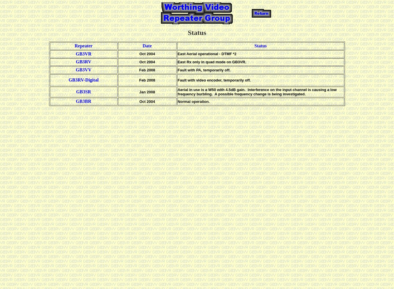 The image size is (394, 289). What do you see at coordinates (147, 80) in the screenshot?
I see `'Feb 2008'` at bounding box center [147, 80].